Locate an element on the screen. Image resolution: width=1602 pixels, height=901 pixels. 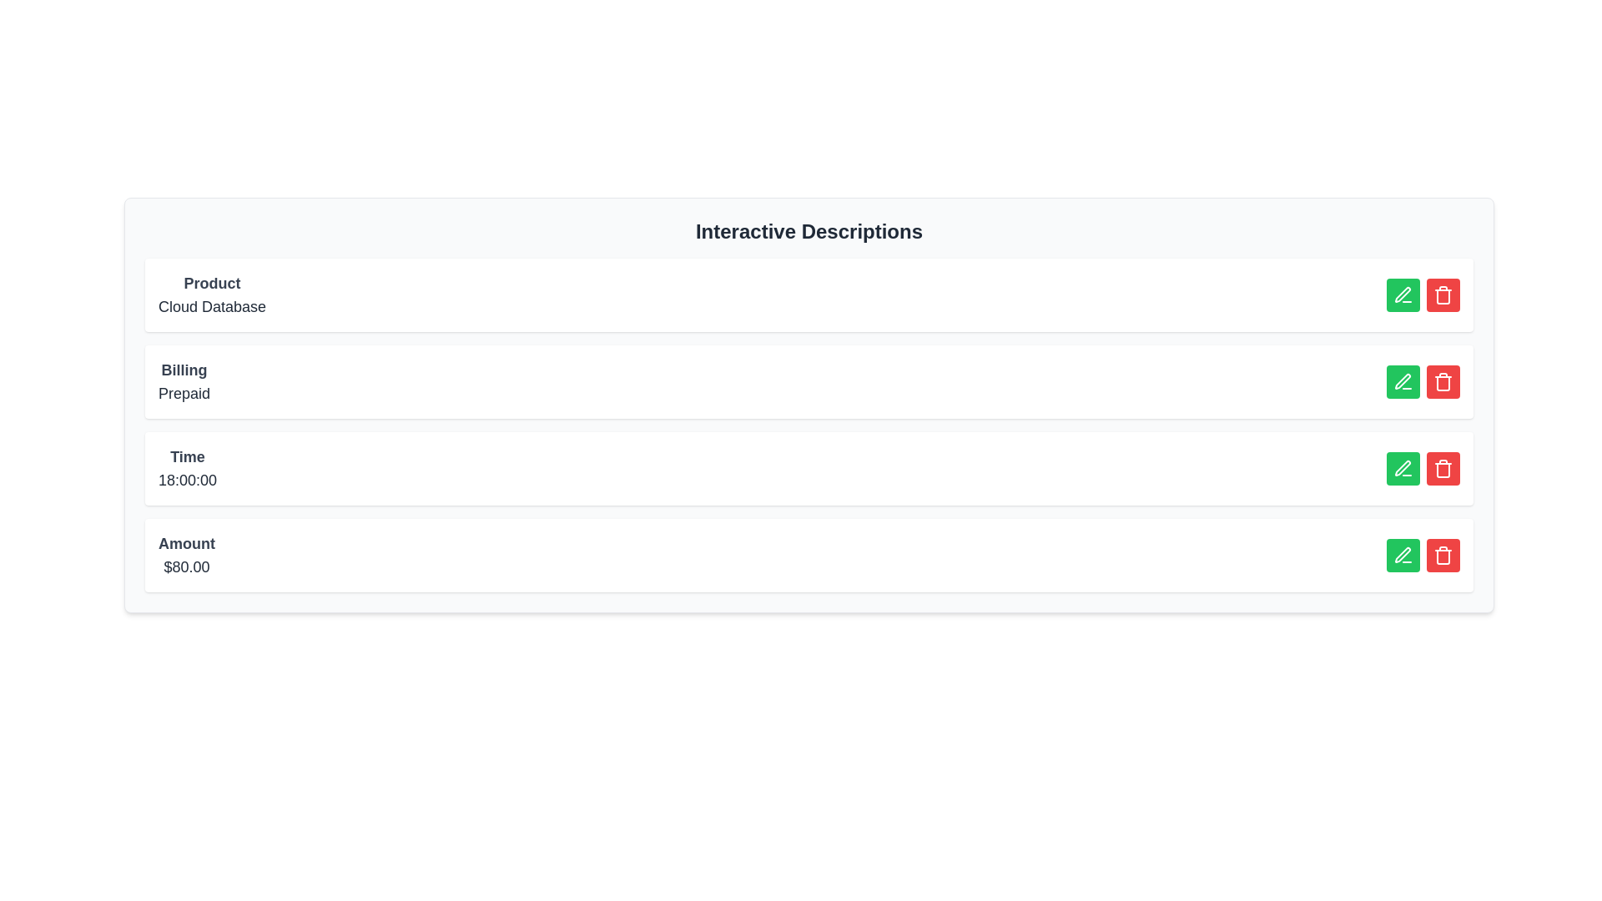
the trash can icon button, which has a red background and signifies deletion, located on the far right of the third row in the interactive description section, below the 'Time' label is located at coordinates (1442, 469).